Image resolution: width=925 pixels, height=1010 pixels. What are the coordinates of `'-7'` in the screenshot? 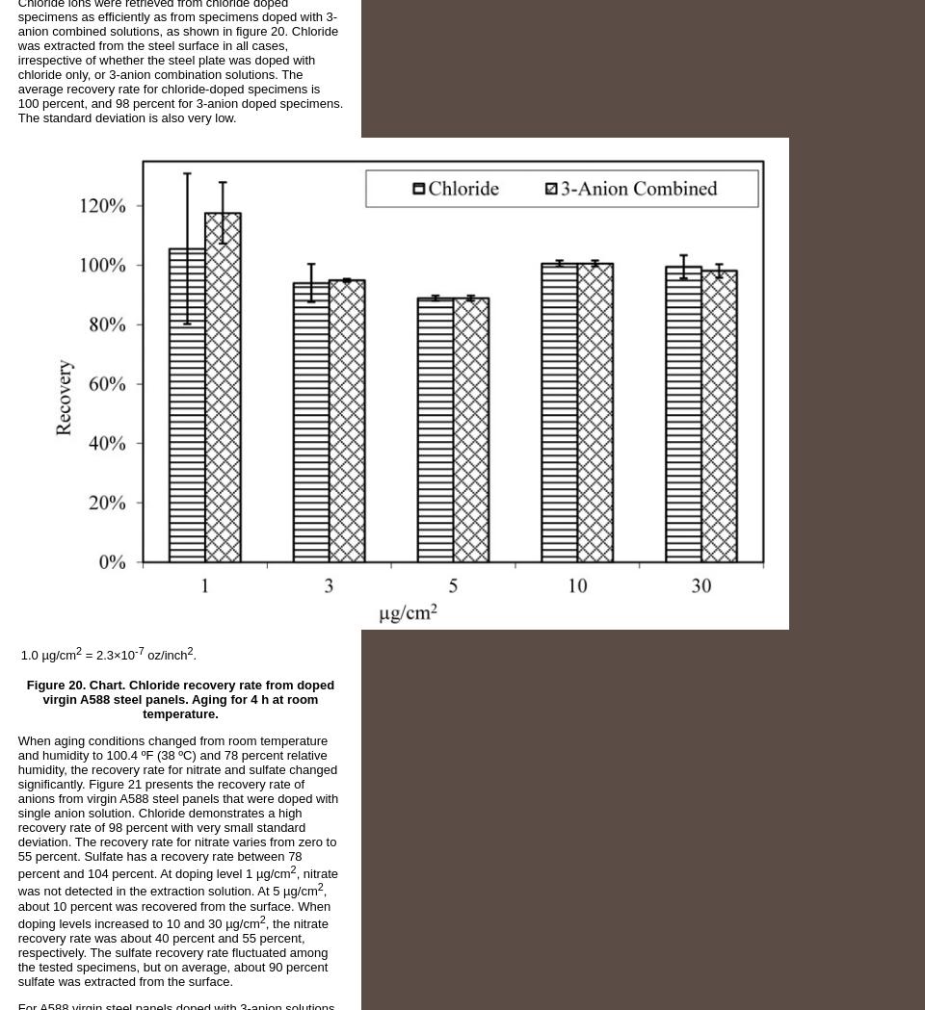 It's located at (138, 649).